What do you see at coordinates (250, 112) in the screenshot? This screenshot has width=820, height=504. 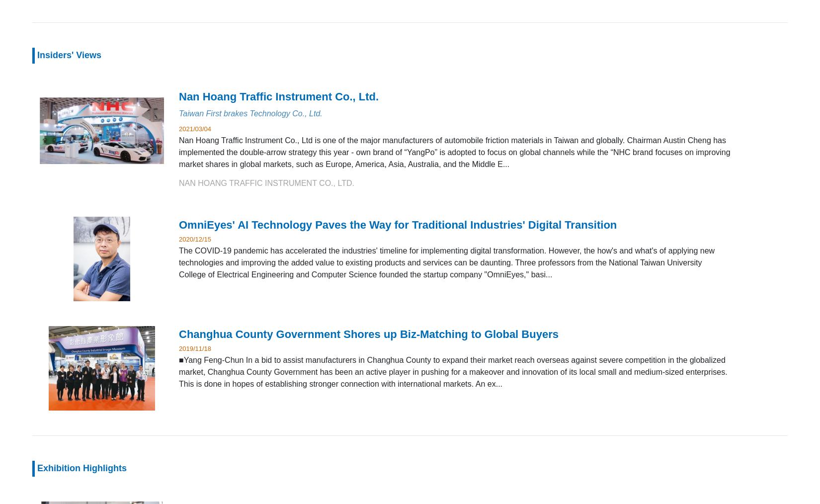 I see `'Taiwan First brakes Technology Co., Ltd.'` at bounding box center [250, 112].